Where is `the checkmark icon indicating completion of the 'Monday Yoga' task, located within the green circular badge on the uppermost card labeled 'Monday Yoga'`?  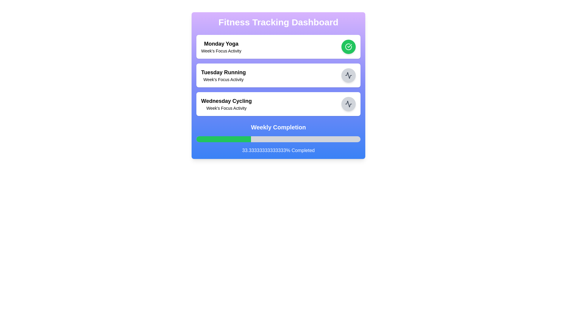 the checkmark icon indicating completion of the 'Monday Yoga' task, located within the green circular badge on the uppermost card labeled 'Monday Yoga' is located at coordinates (349, 46).